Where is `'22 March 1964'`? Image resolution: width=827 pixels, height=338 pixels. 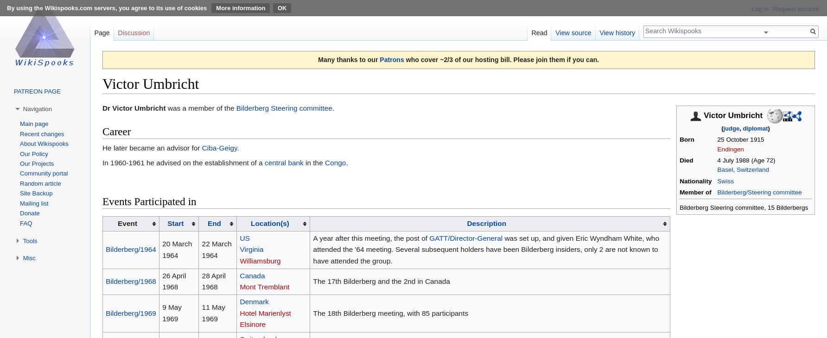
'22 March 1964' is located at coordinates (216, 249).